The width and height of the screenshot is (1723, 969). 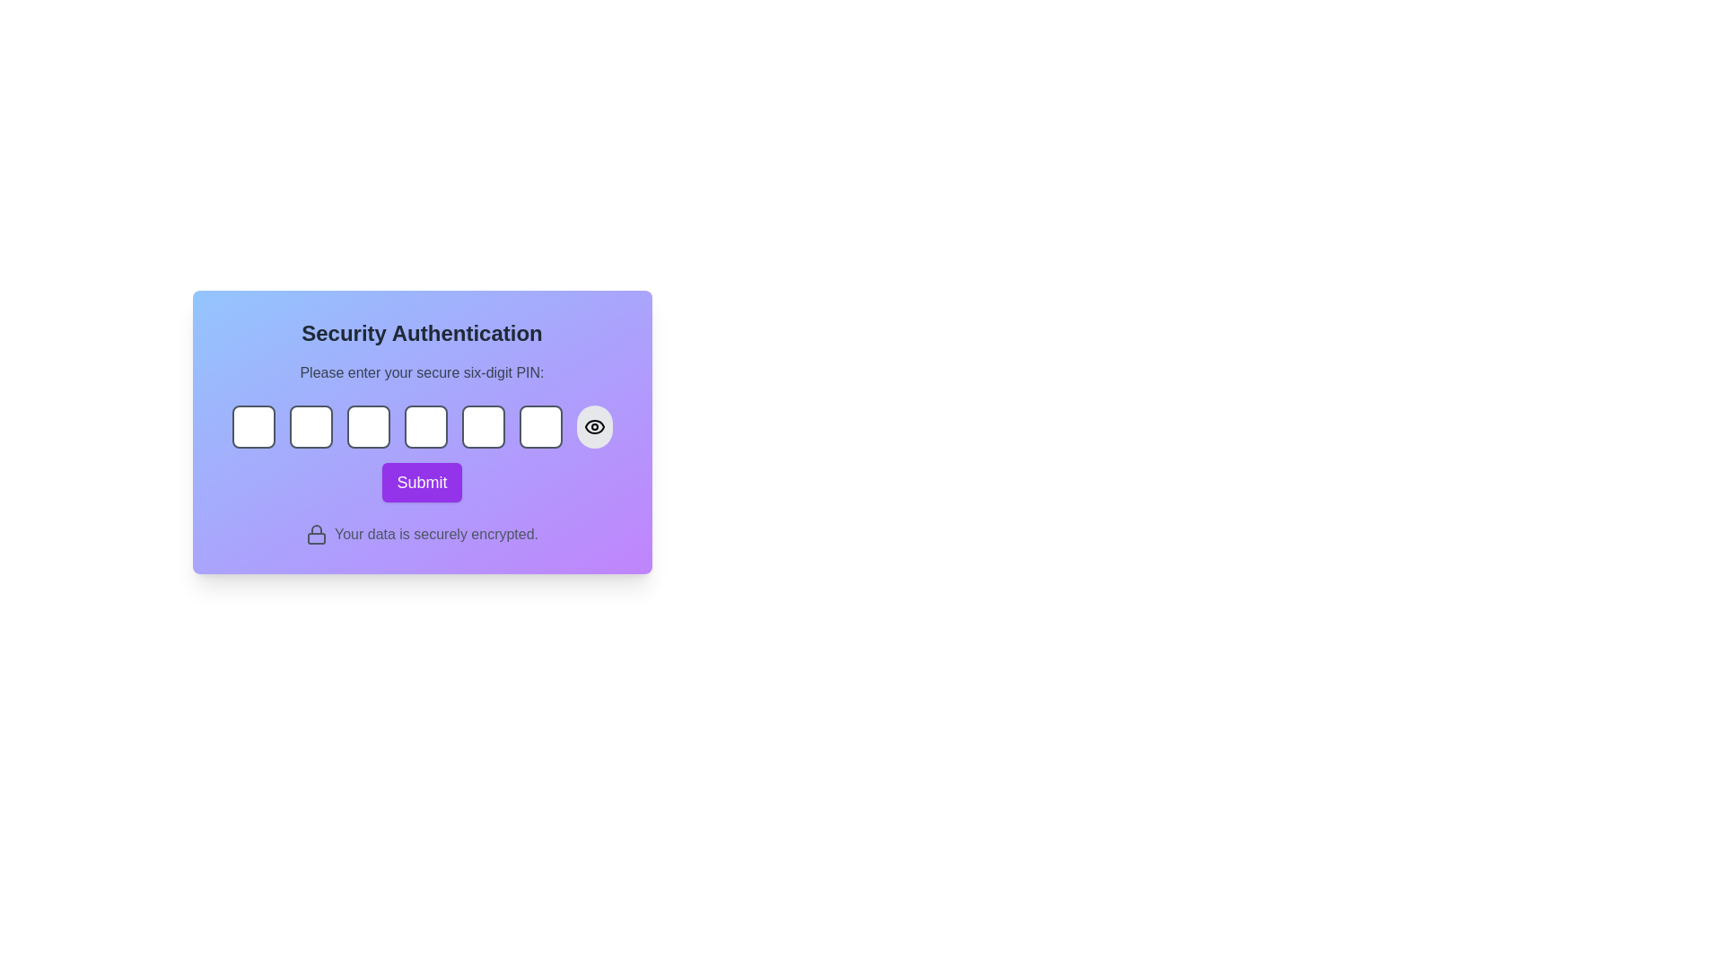 I want to click on instructions provided by the Instructional Text Label located beneath the title 'Security Authentication' and above the six PIN input boxes, centered horizontally, so click(x=421, y=372).